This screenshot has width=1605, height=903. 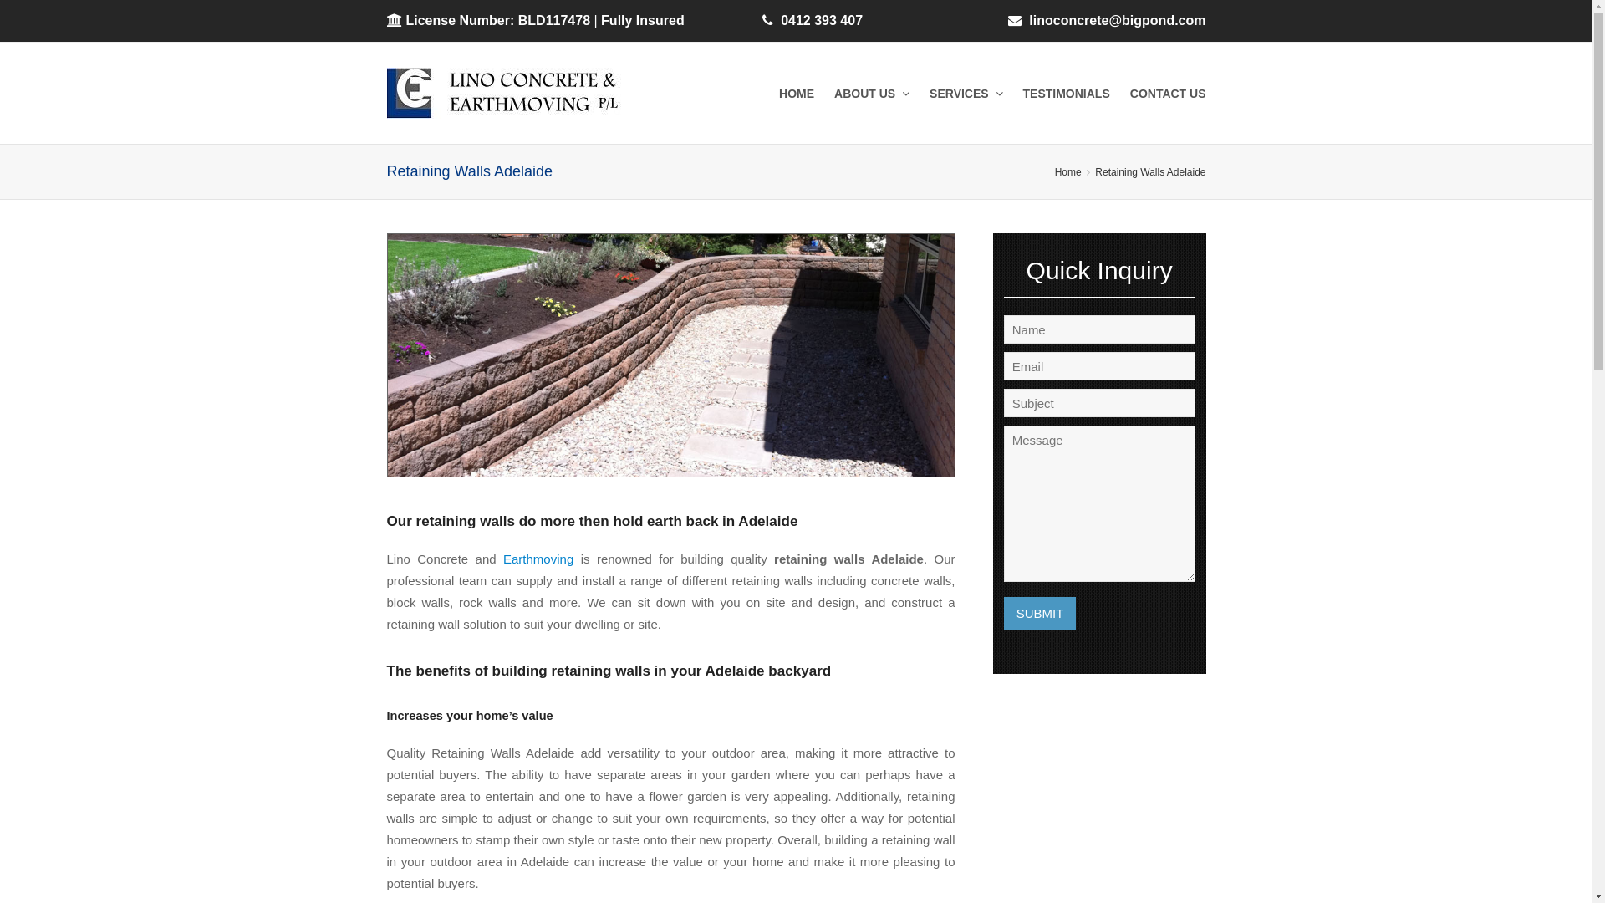 What do you see at coordinates (1027, 20) in the screenshot?
I see `'linoconcrete@bigpond.com'` at bounding box center [1027, 20].